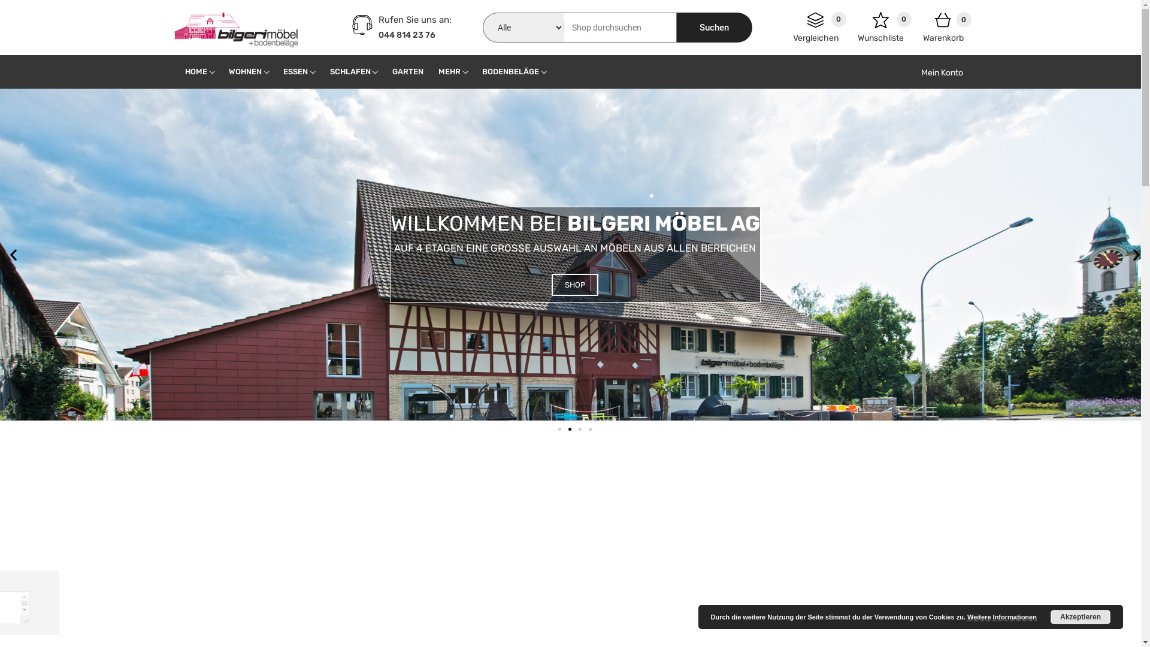 The height and width of the screenshot is (647, 1150). What do you see at coordinates (1049, 616) in the screenshot?
I see `'Akzeptieren'` at bounding box center [1049, 616].